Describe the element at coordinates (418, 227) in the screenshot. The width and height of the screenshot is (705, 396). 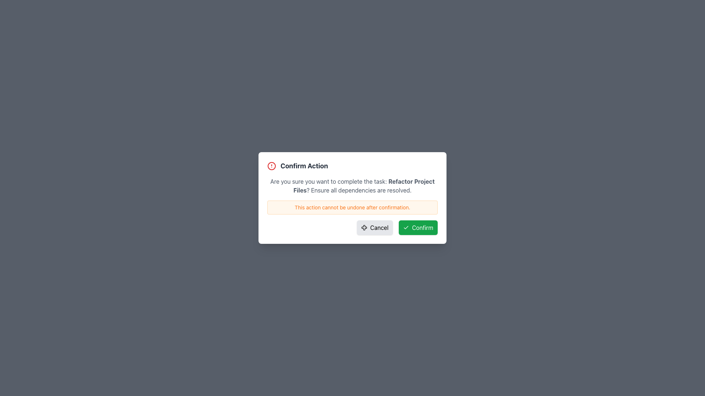
I see `the 'Confirm' button located at the bottom right of the dialog window to proceed with the intended operation and dismiss the dialog` at that location.